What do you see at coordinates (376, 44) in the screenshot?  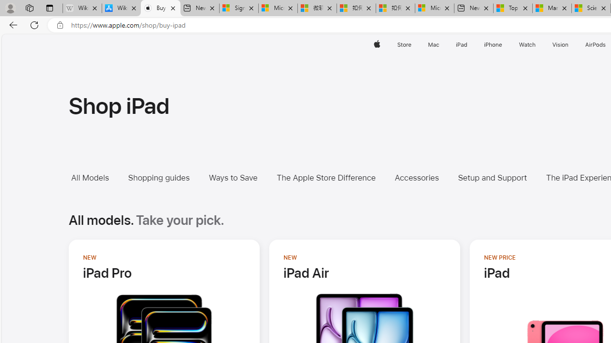 I see `'Apple'` at bounding box center [376, 44].